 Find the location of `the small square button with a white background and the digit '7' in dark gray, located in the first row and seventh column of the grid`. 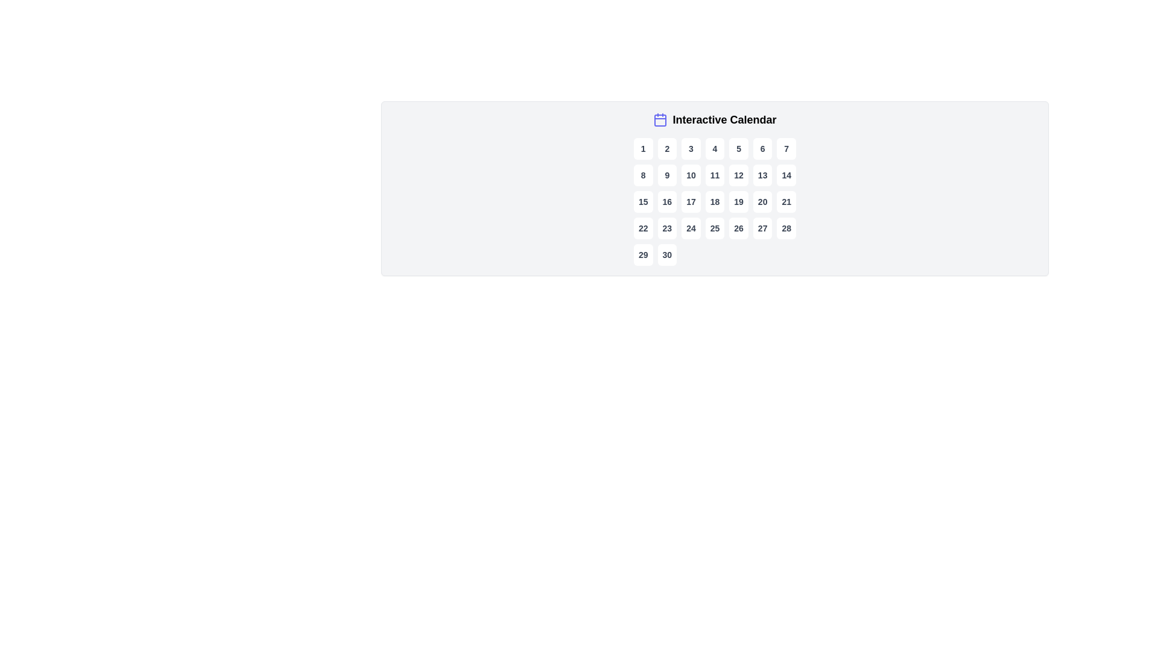

the small square button with a white background and the digit '7' in dark gray, located in the first row and seventh column of the grid is located at coordinates (786, 148).